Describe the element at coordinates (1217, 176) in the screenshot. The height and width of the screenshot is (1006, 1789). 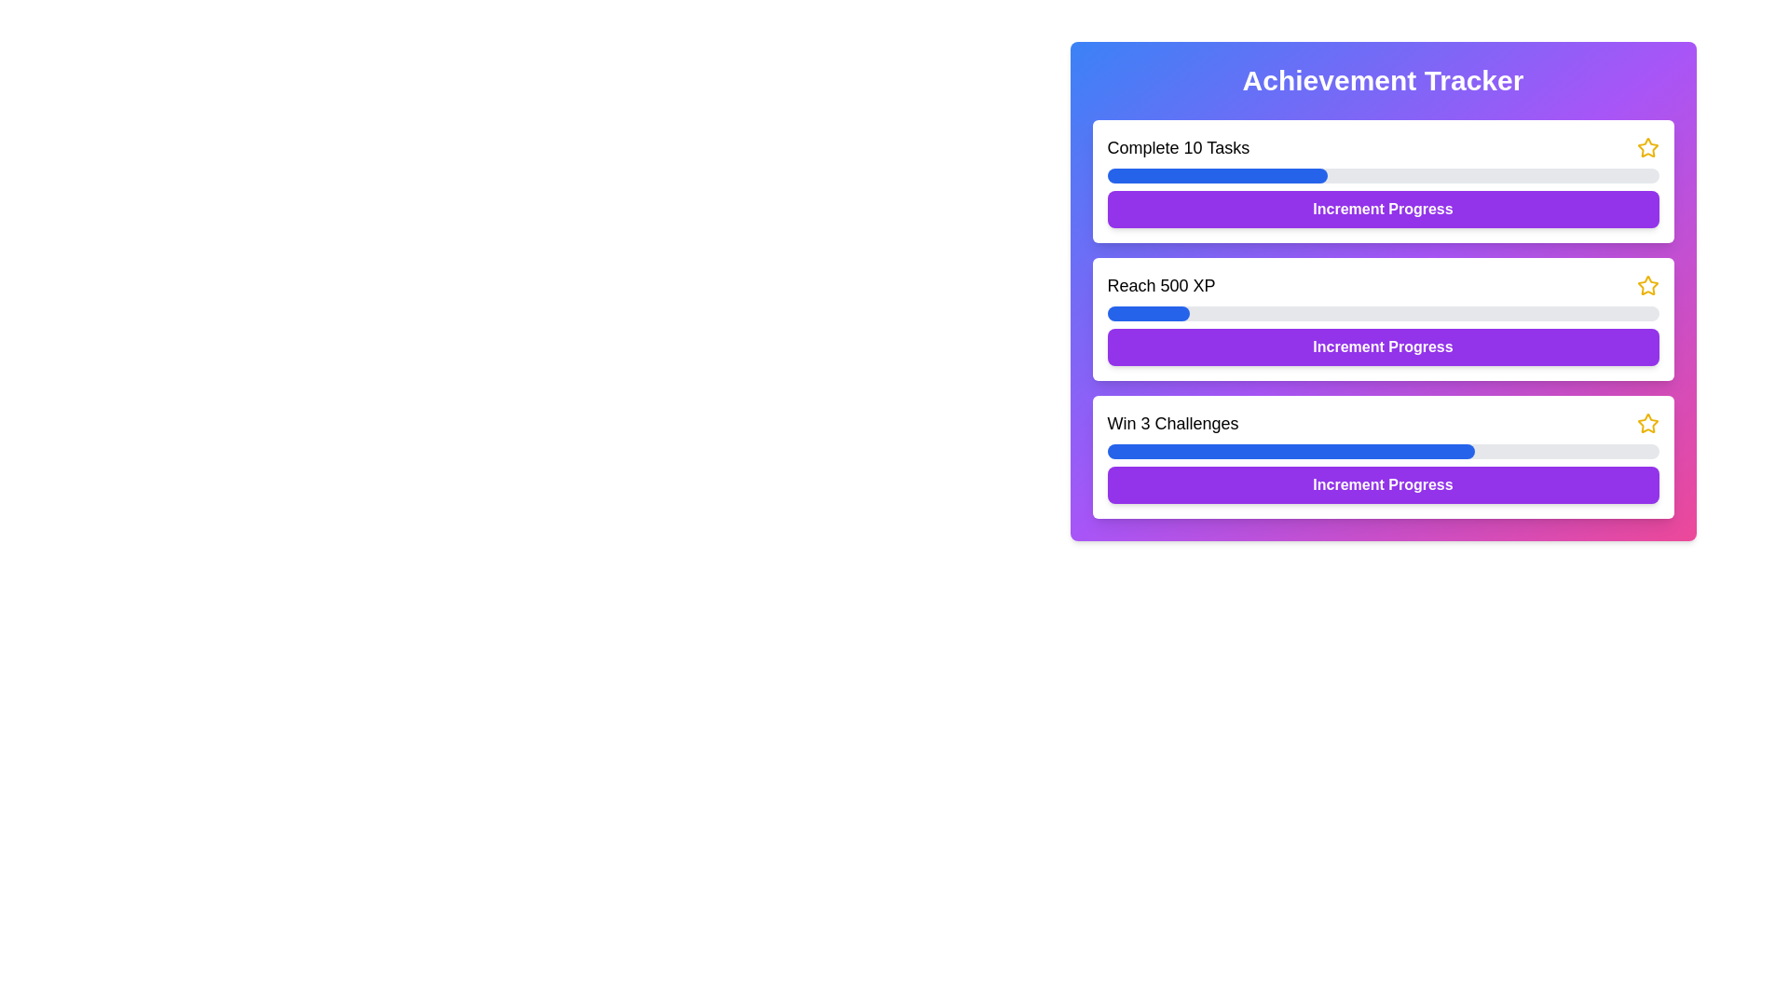
I see `the blue progress bar with rounded edges representing the progress for the 'Complete 10 Tasks' section in the Achievement Tracker interface` at that location.